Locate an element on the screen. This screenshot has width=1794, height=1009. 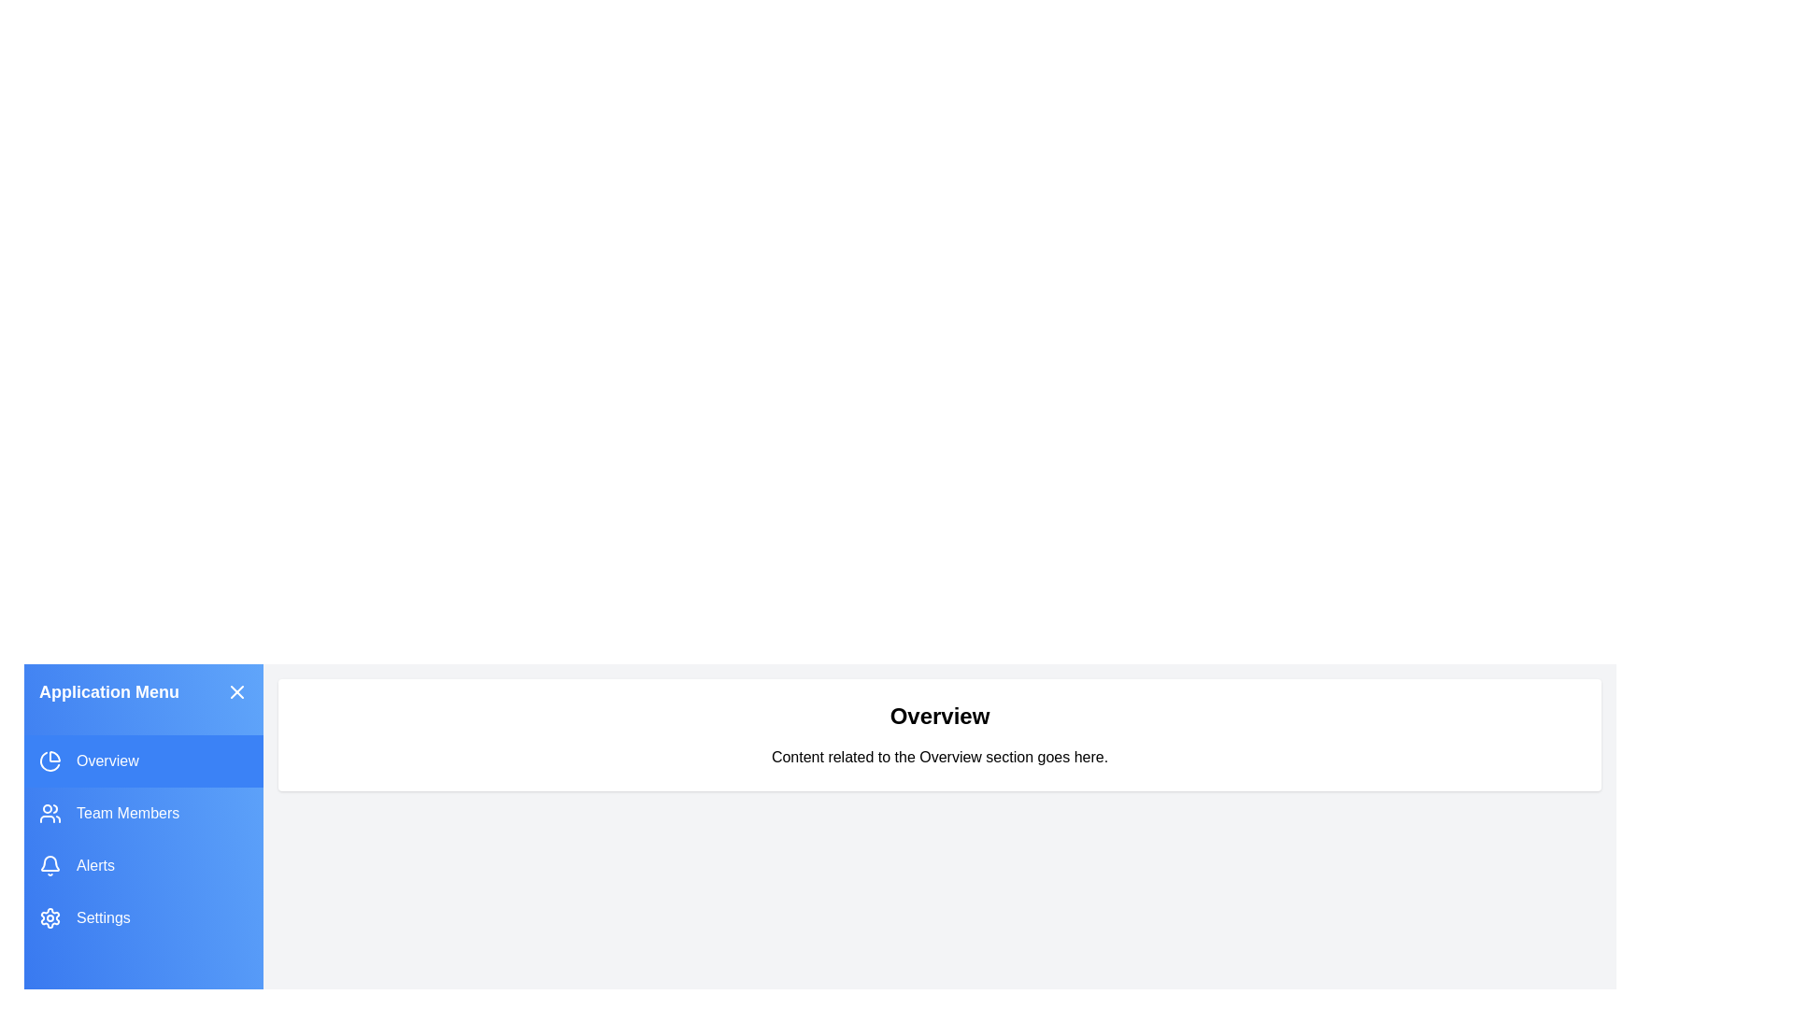
the menu section Overview by clicking on it is located at coordinates (142, 760).